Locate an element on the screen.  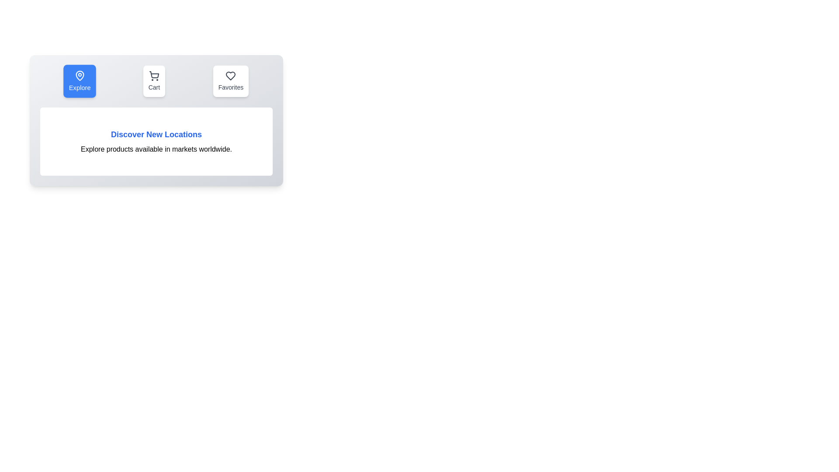
the Cart tab by clicking on its label or icon is located at coordinates (153, 81).